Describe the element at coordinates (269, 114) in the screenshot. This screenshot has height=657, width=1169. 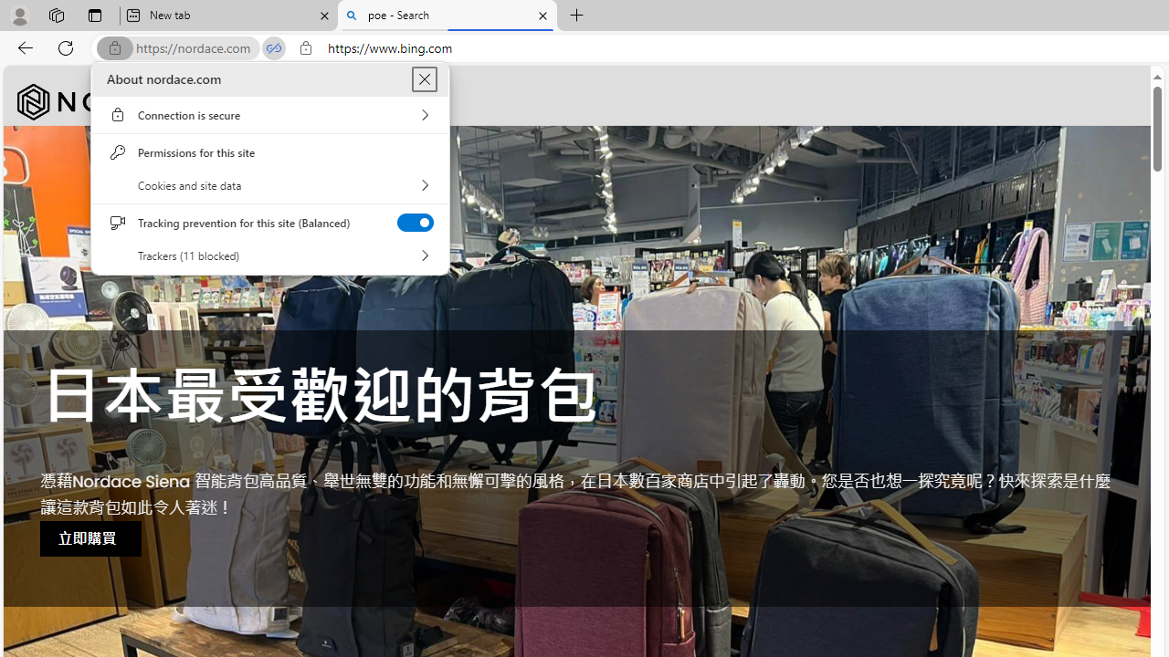
I see `'Connection is secure'` at that location.